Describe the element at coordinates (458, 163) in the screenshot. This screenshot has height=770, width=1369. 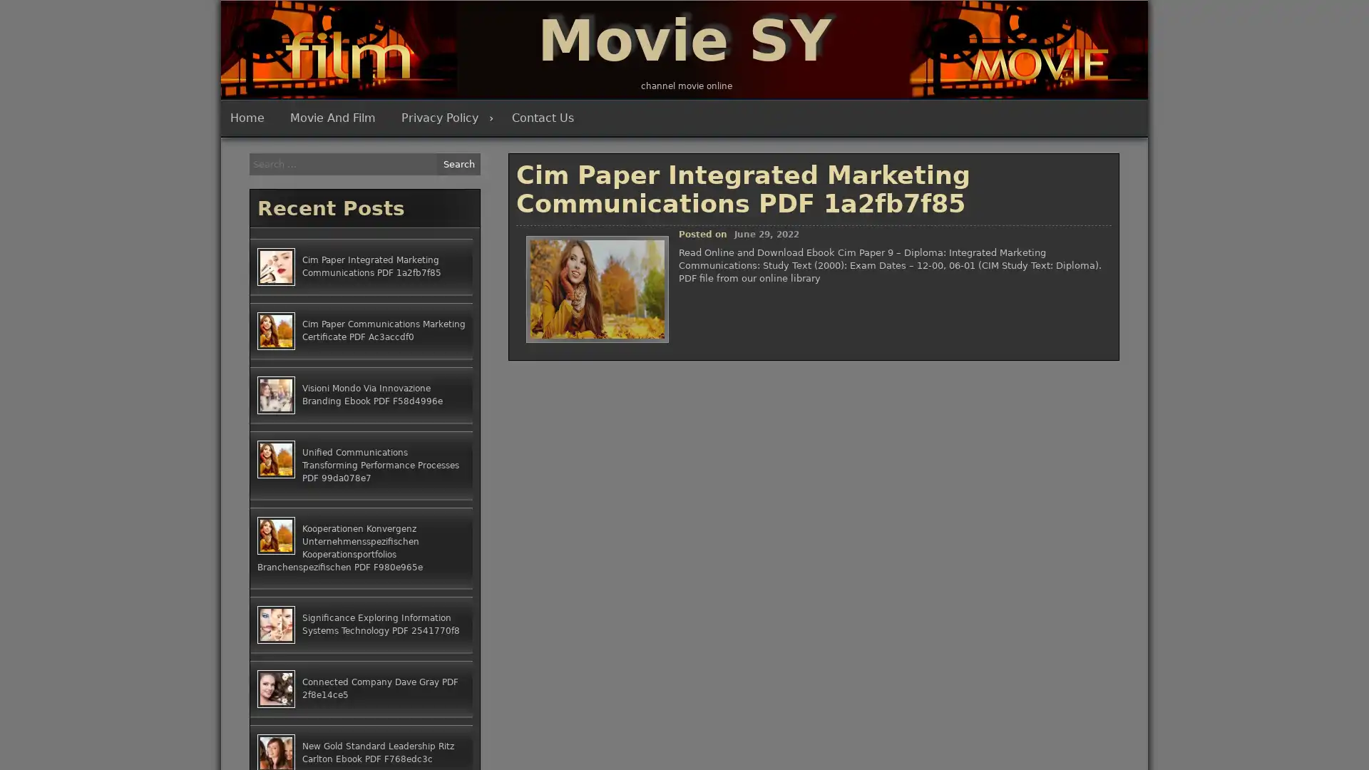
I see `Search` at that location.